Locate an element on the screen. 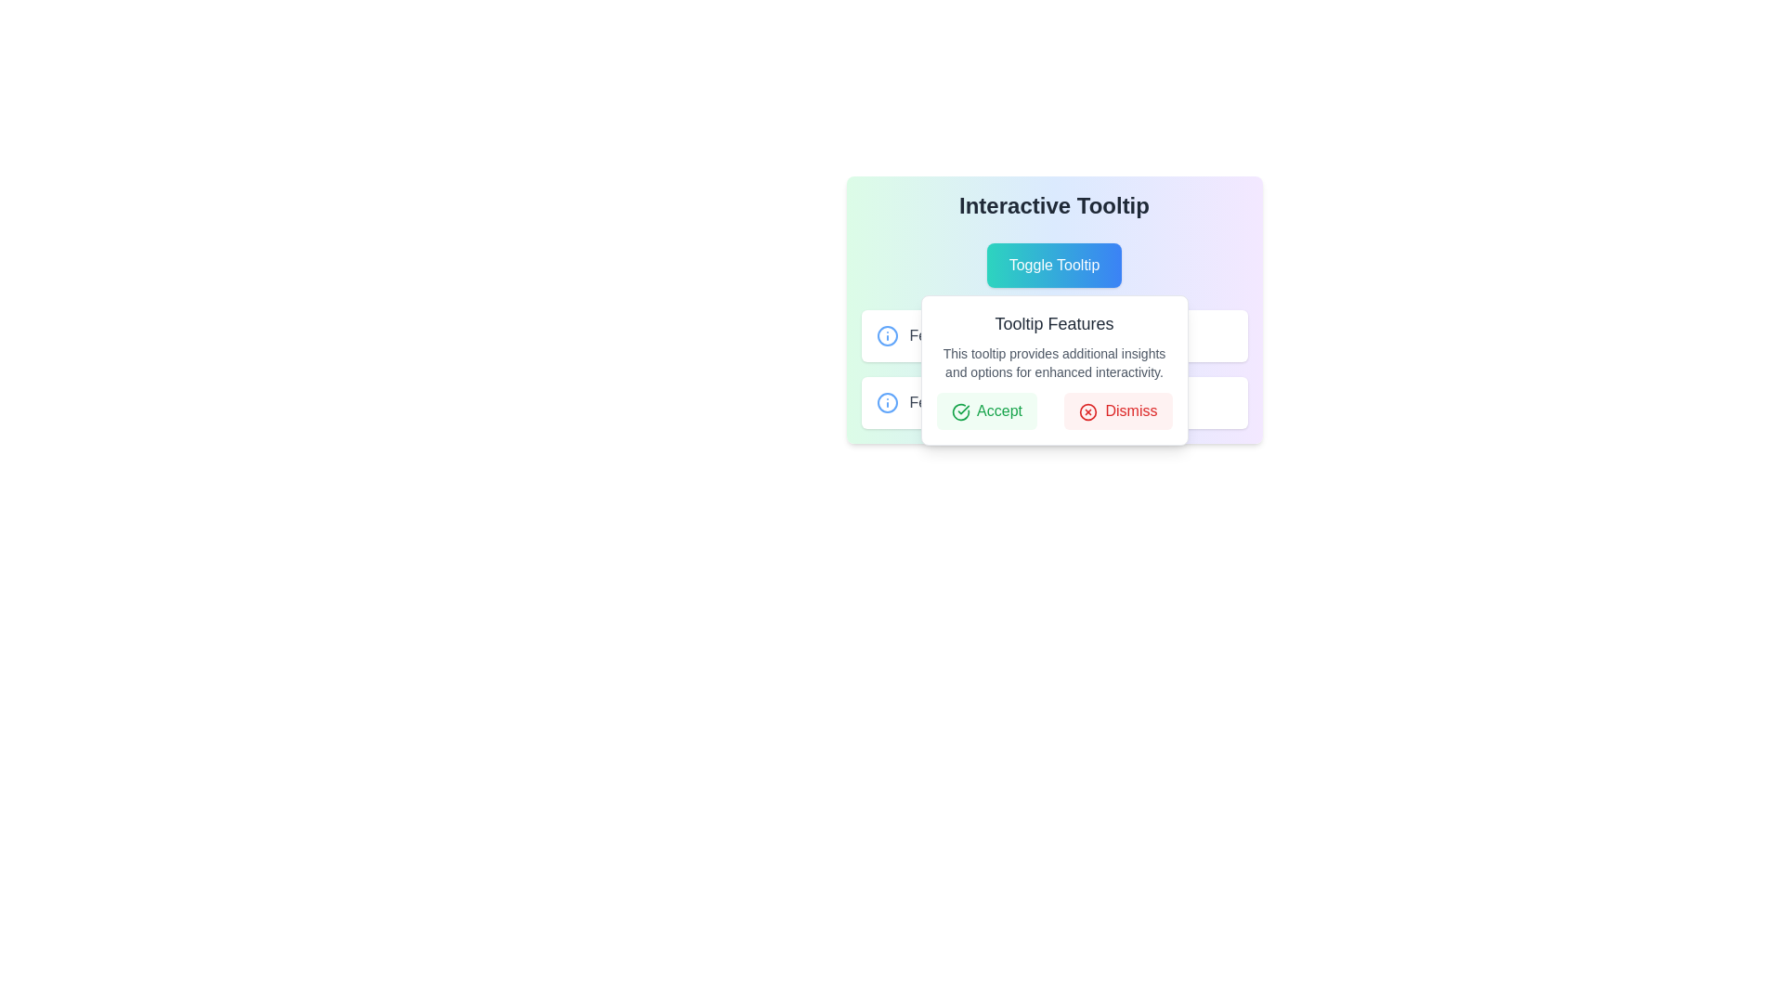 This screenshot has height=1003, width=1783. the affirmative button located at the bottom left of the tooltip card is located at coordinates (985, 410).